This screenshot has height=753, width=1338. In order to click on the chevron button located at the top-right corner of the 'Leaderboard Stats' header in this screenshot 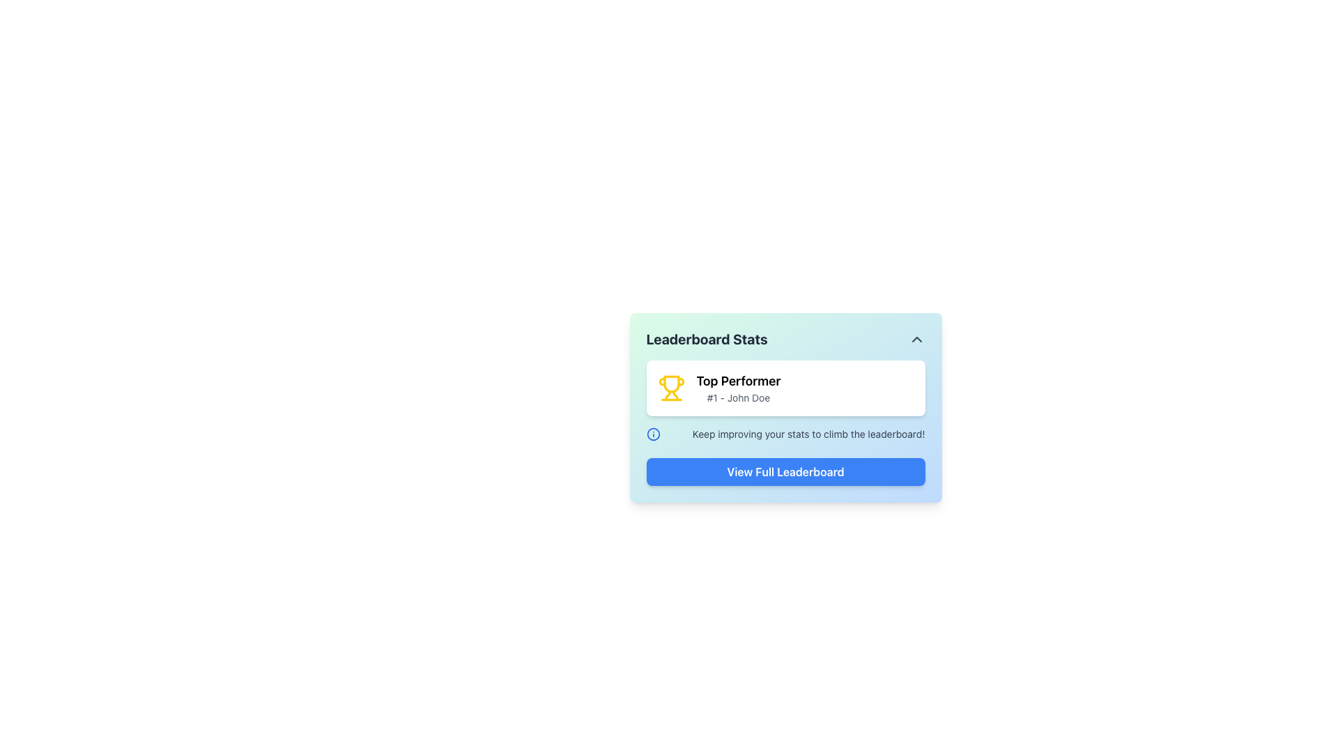, I will do `click(916, 339)`.